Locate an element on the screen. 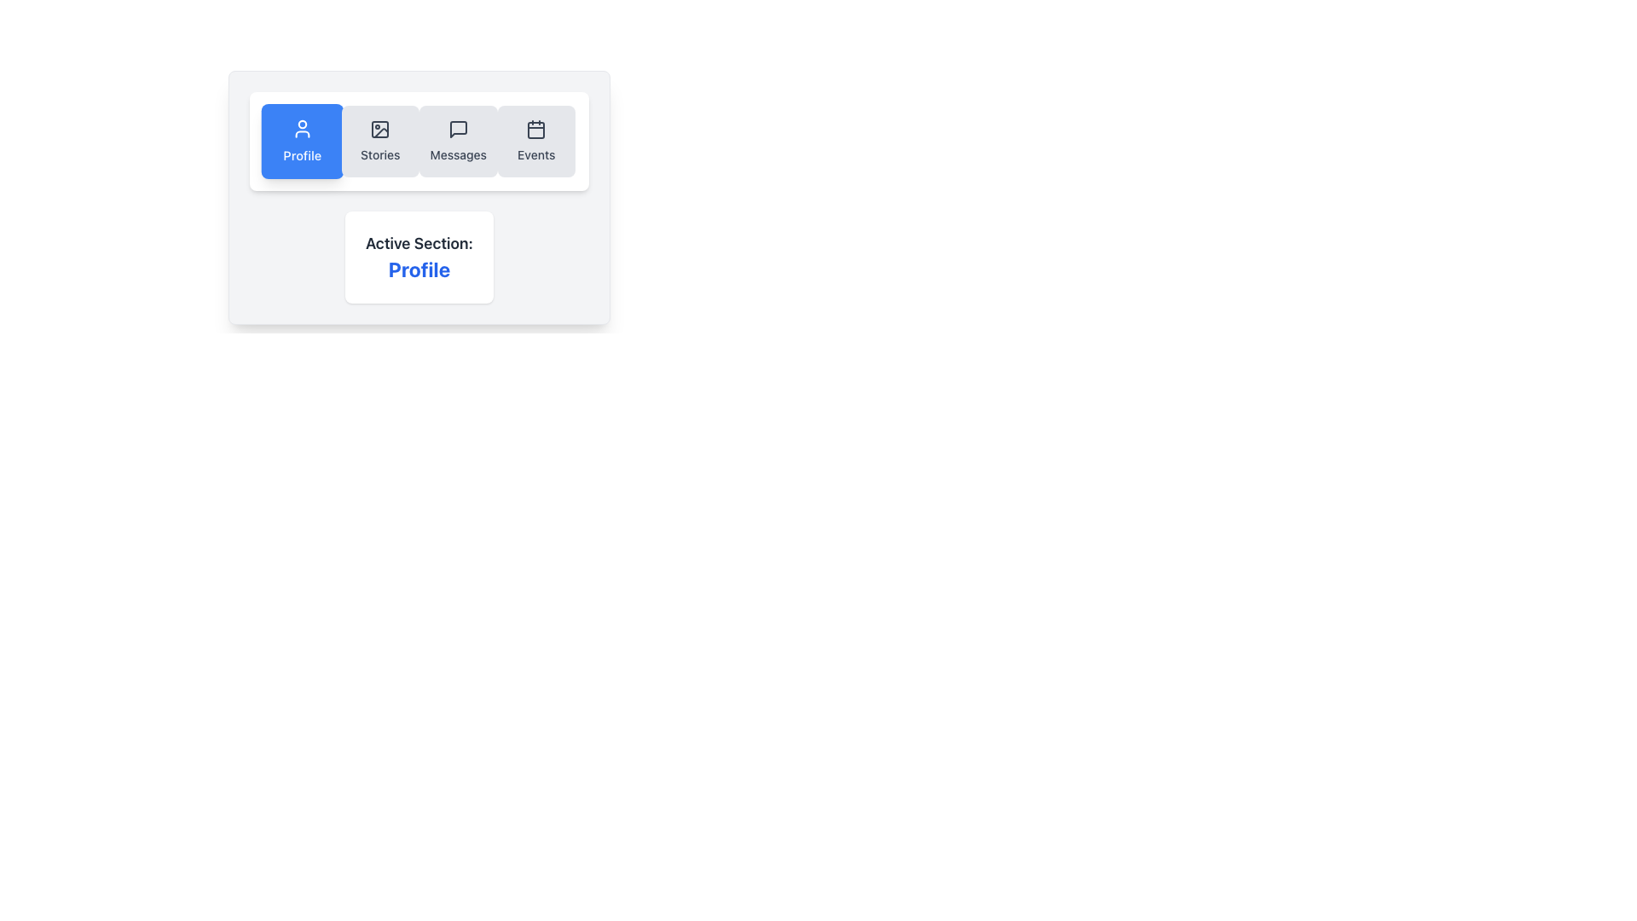  the 'Profile' button, which is a blue rectangular tile with white text and a user profile icon is located at coordinates (302, 140).